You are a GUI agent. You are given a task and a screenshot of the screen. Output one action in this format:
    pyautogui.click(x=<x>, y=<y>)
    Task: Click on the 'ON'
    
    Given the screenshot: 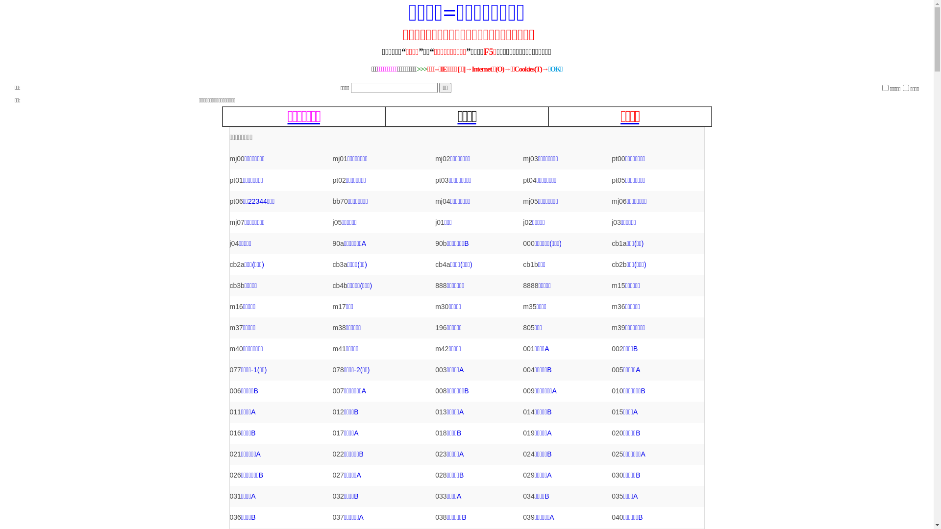 What is the action you would take?
    pyautogui.click(x=905, y=87)
    